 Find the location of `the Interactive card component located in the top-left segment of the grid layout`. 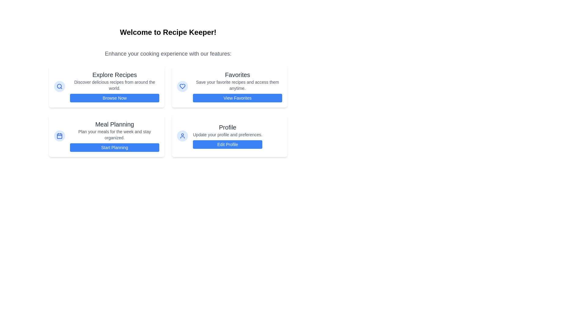

the Interactive card component located in the top-left segment of the grid layout is located at coordinates (107, 86).